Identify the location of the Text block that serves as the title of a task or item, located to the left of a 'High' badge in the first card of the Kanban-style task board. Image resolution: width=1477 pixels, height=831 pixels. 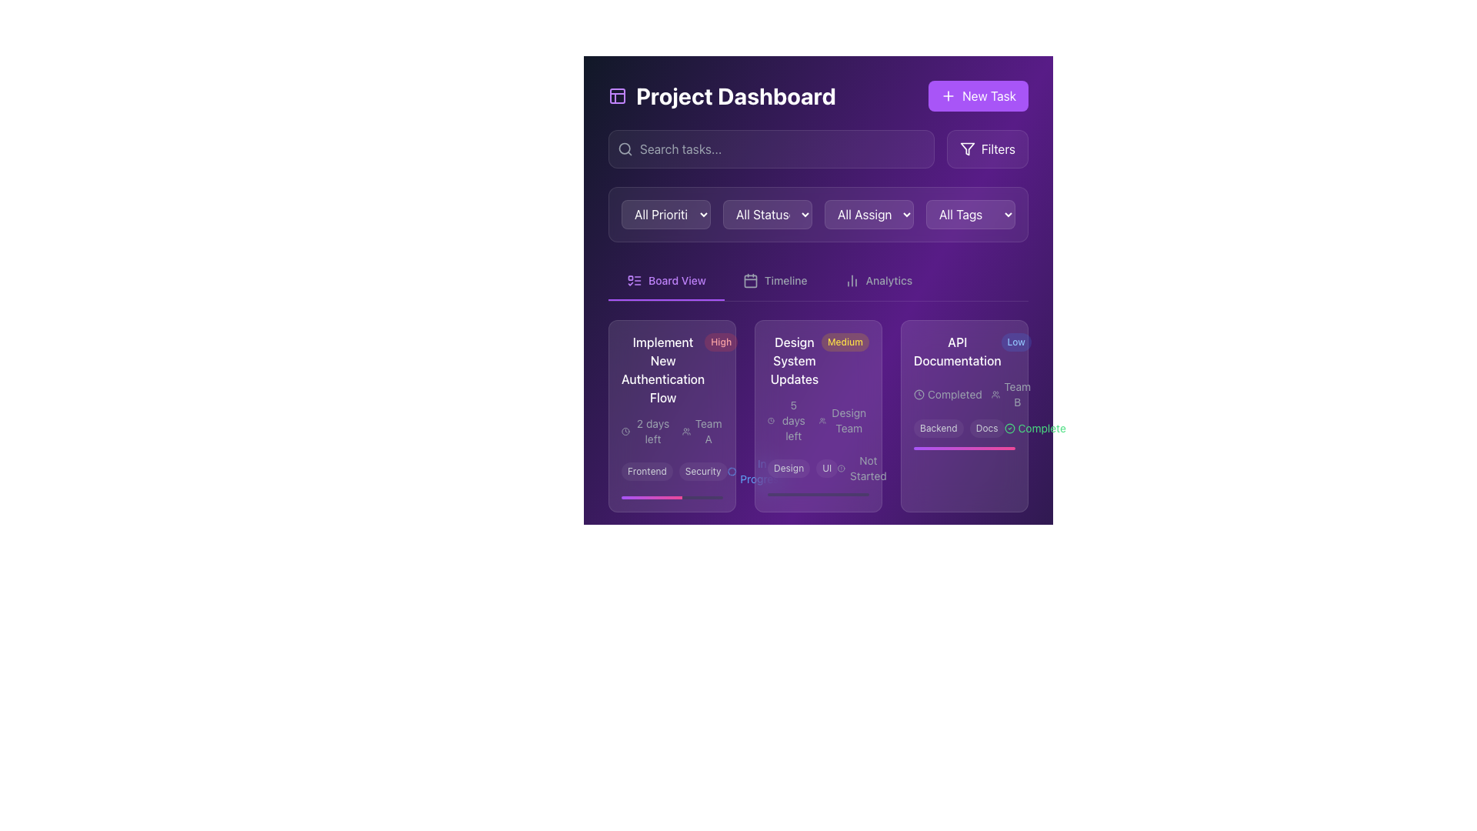
(663, 370).